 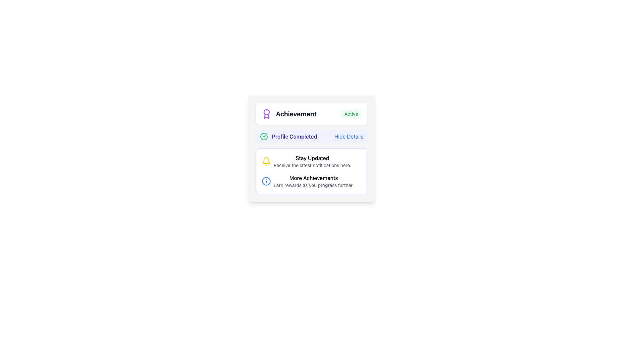 What do you see at coordinates (267, 113) in the screenshot?
I see `the purple badge-like icon resembling an award ribbon with circular design and star motifs, located on the left side of the 'Achievement' title text in the header of the achievement section` at bounding box center [267, 113].